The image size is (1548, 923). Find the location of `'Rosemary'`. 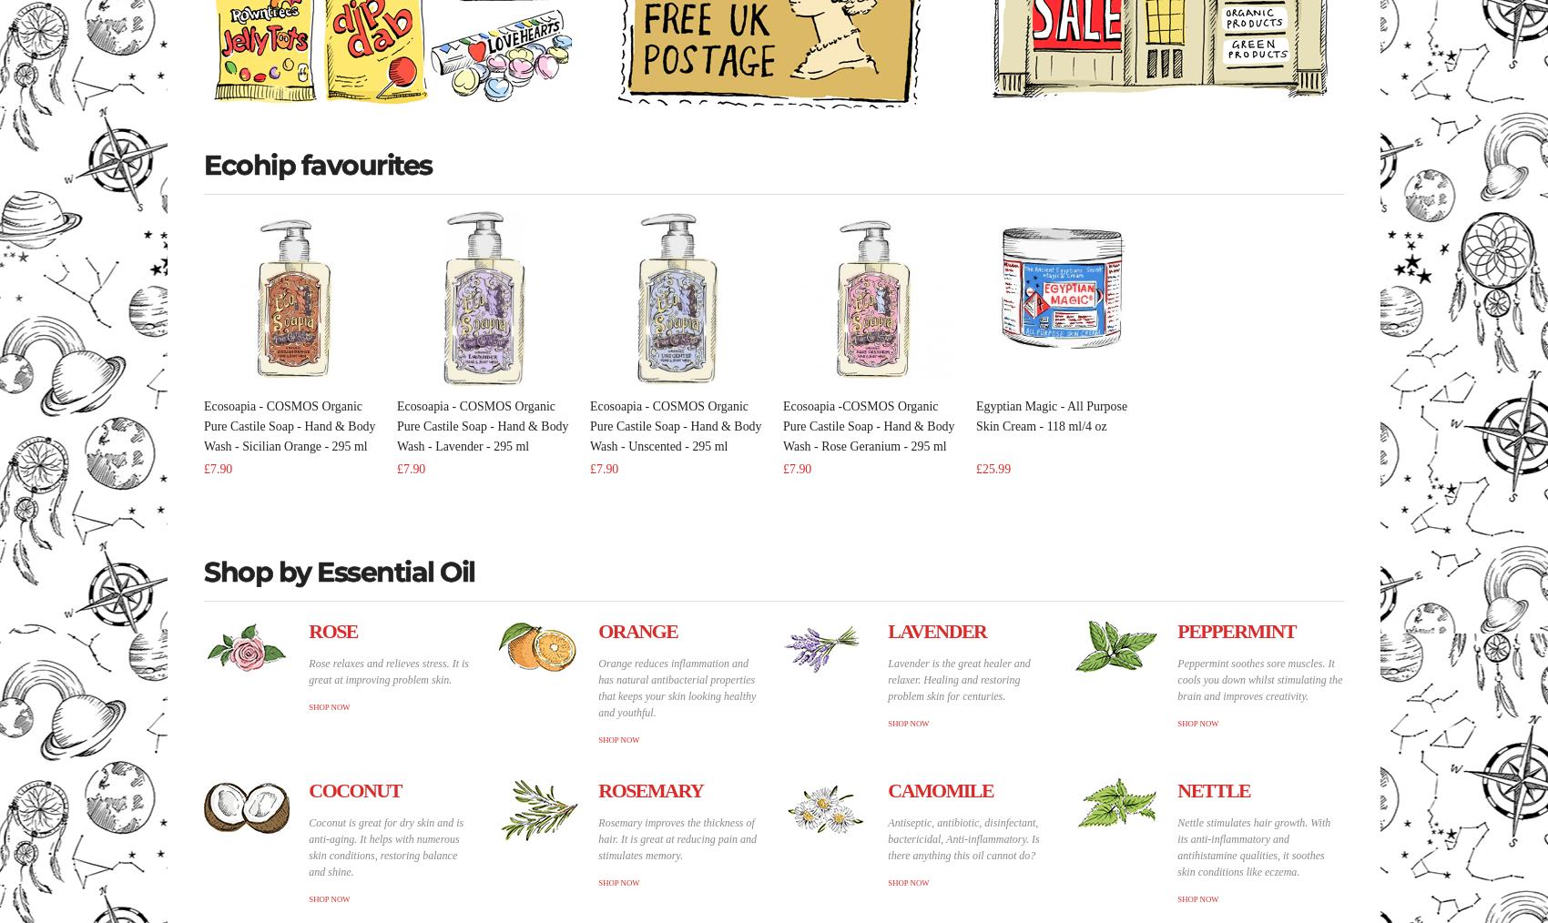

'Rosemary' is located at coordinates (650, 789).